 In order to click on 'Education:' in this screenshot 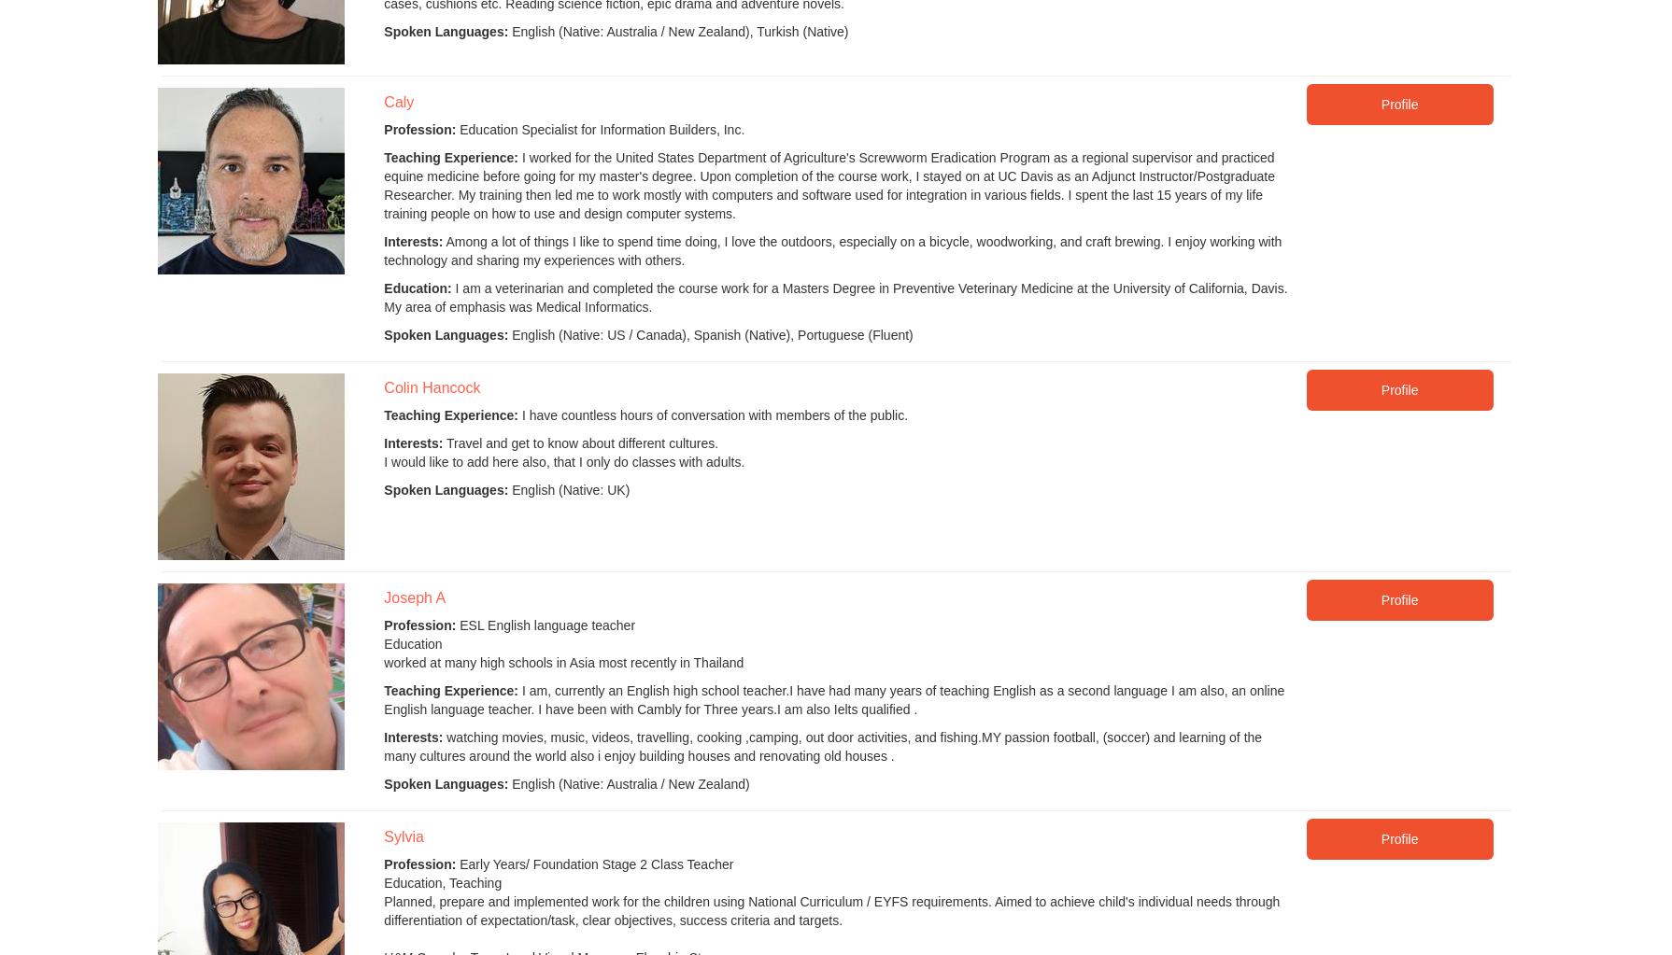, I will do `click(417, 287)`.